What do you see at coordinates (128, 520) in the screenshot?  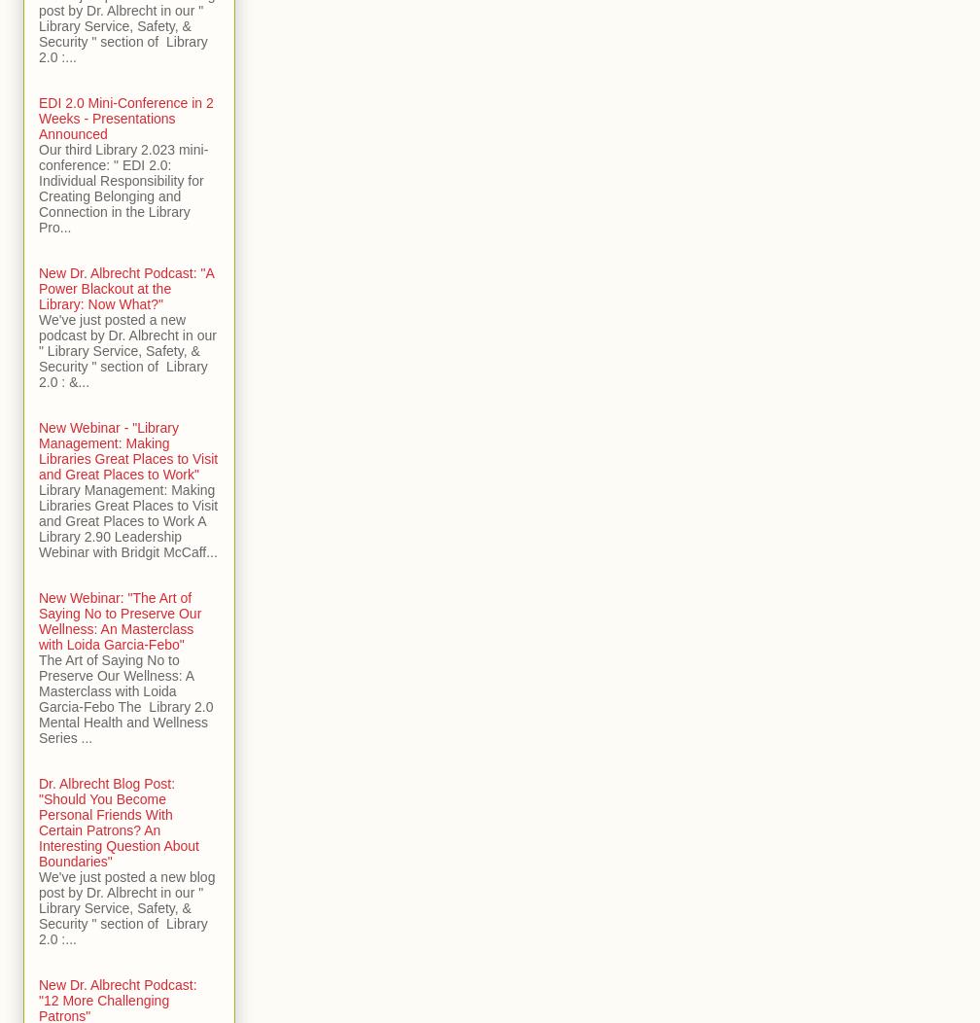 I see `'Library Management: Making Libraries Great Places to Visit and Great Places to Work   A Library 2.90 Leadership Webinar with Bridgit McCaff...'` at bounding box center [128, 520].